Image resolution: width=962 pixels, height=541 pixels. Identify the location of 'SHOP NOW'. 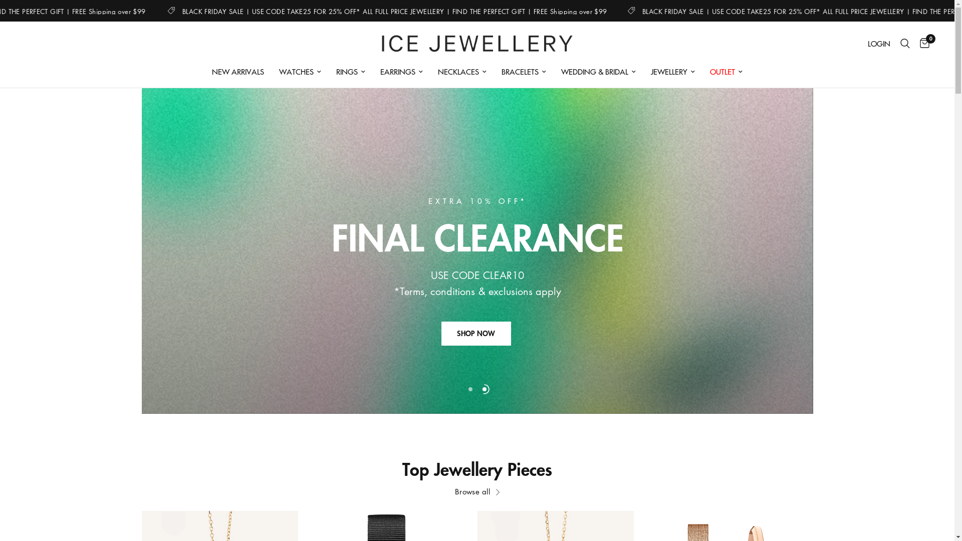
(441, 354).